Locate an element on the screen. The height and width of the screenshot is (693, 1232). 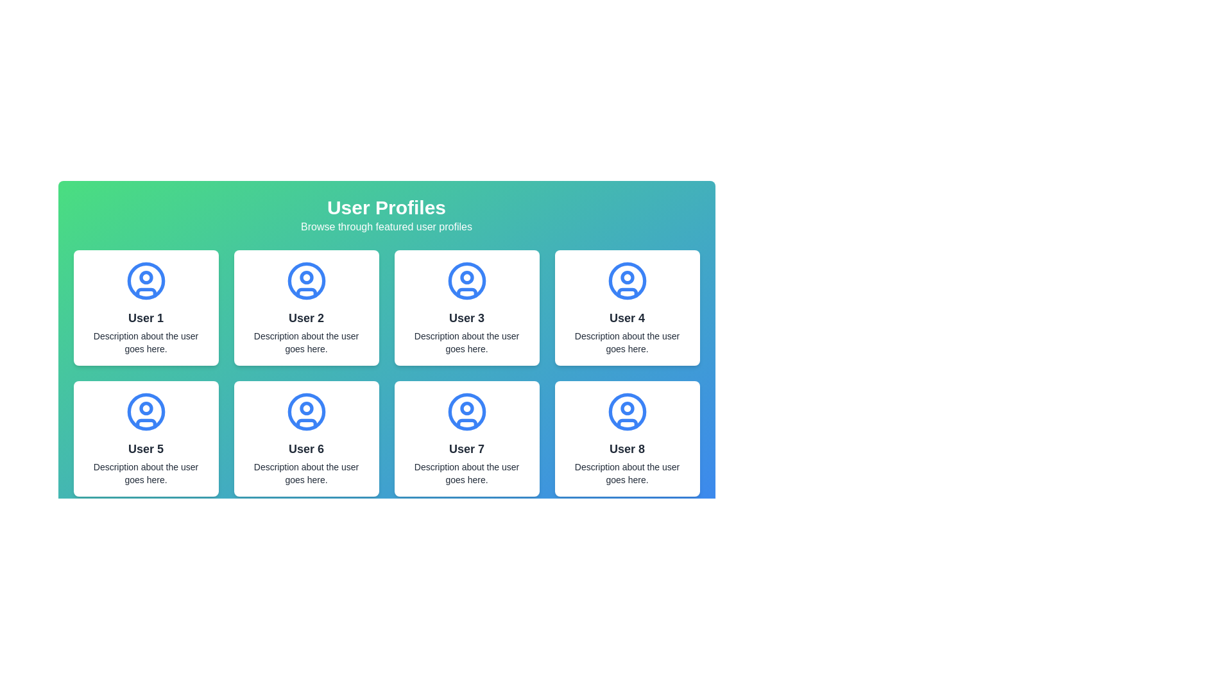
the SVG Circle that is part of the user profile icon labeled 'User 3', which is located in the third position of the top row in a grid layout is located at coordinates (466, 280).